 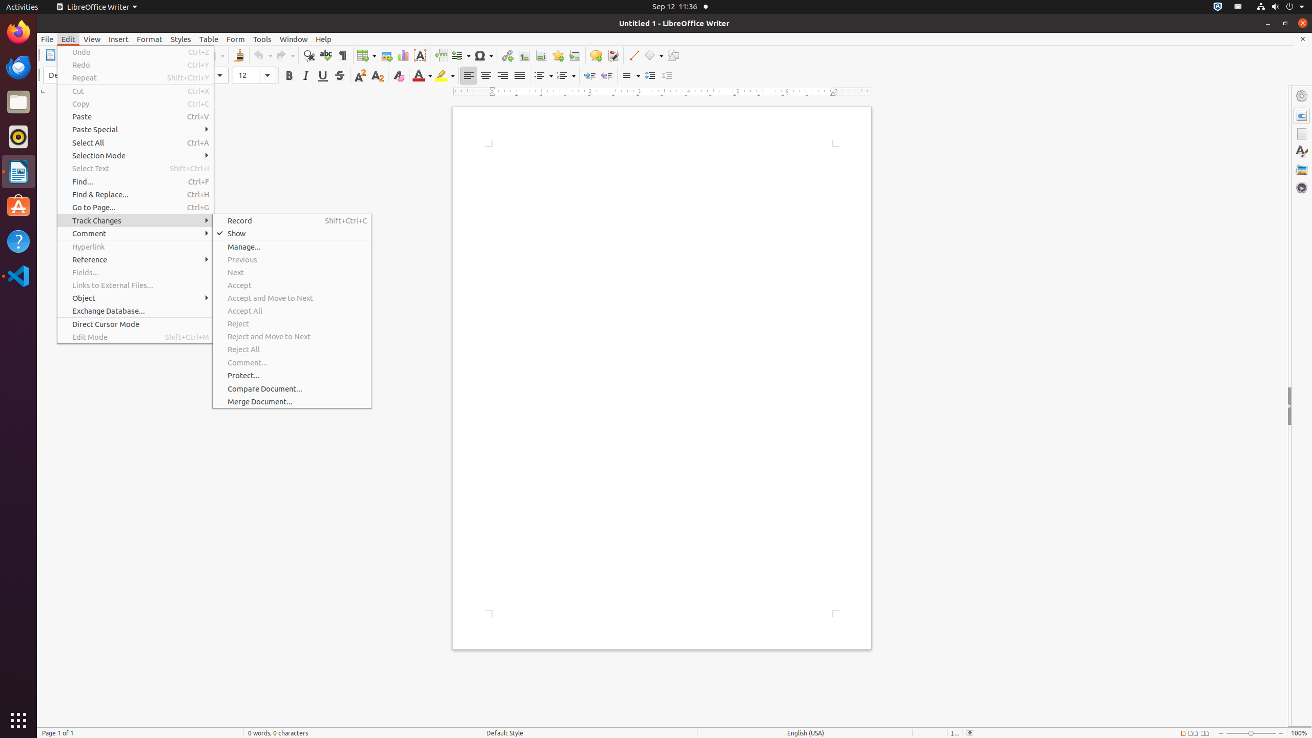 I want to click on 'Center', so click(x=485, y=75).